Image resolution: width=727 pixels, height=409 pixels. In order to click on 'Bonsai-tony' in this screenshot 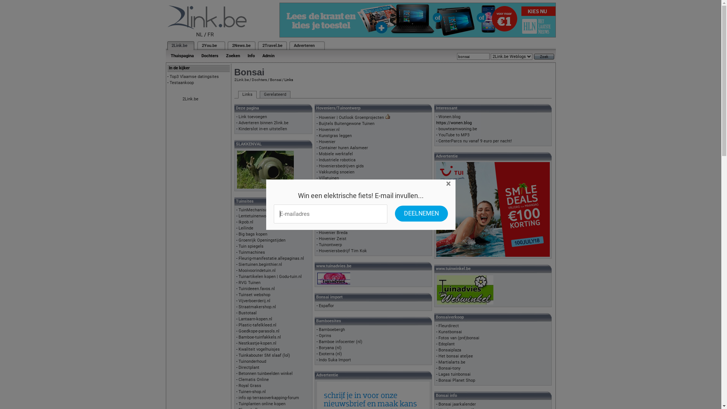, I will do `click(438, 368)`.